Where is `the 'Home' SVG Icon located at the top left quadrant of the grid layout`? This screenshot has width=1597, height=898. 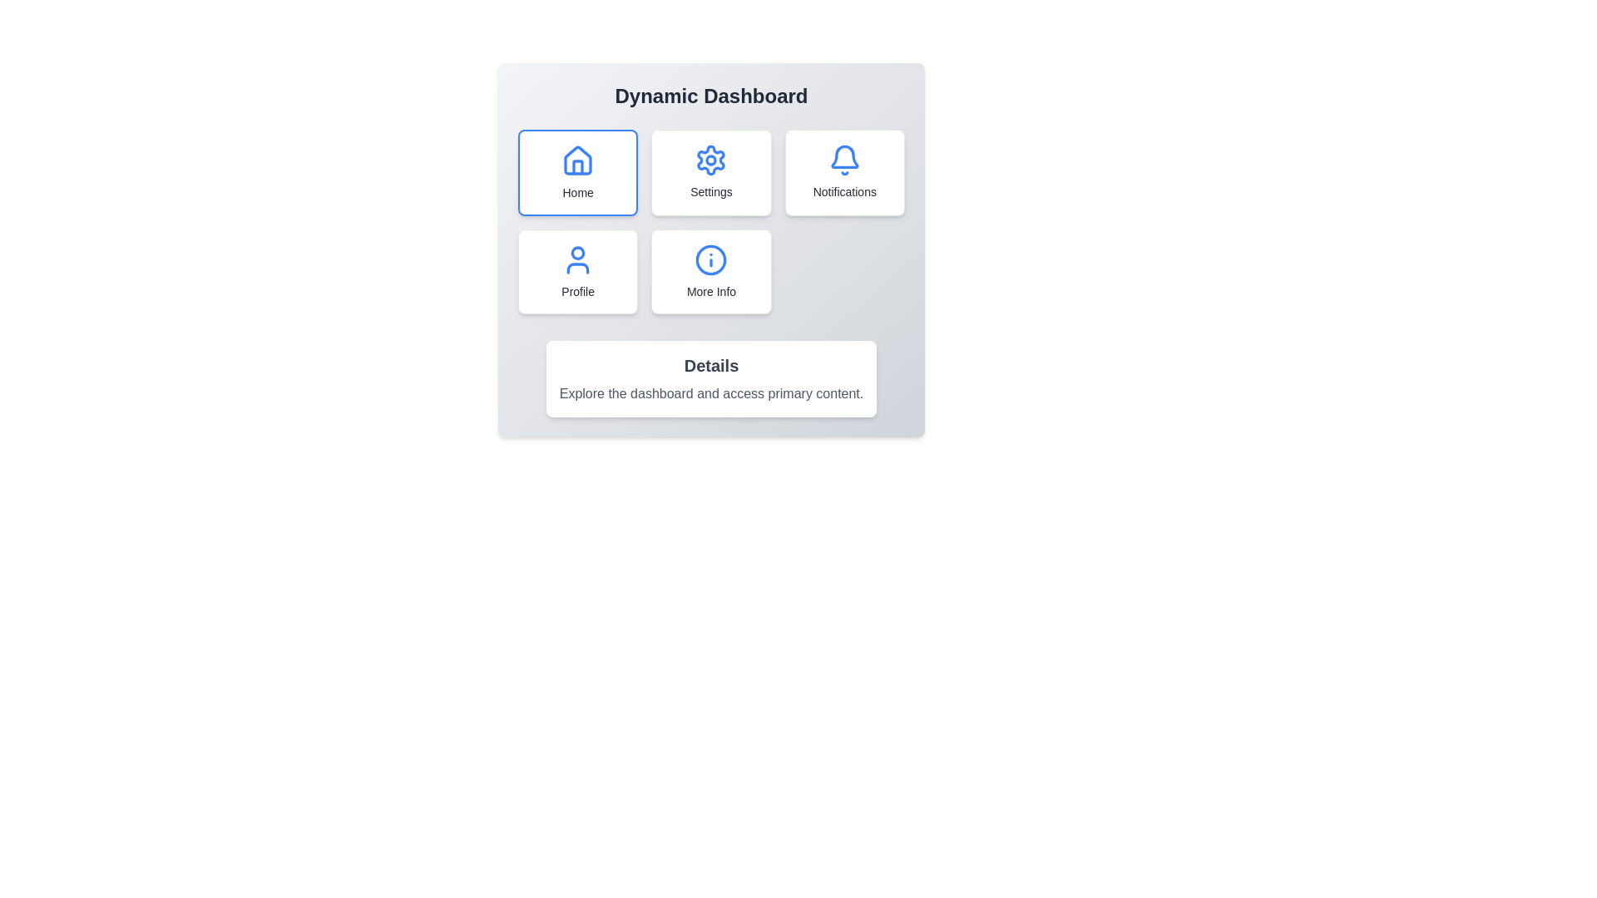
the 'Home' SVG Icon located at the top left quadrant of the grid layout is located at coordinates (578, 160).